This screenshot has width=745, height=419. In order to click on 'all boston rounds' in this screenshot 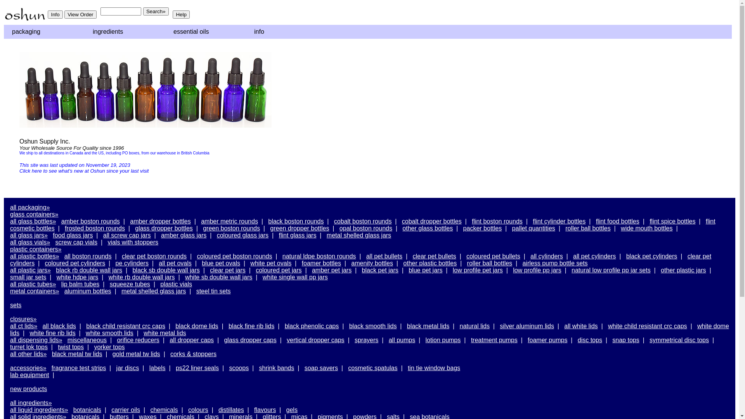, I will do `click(88, 256)`.